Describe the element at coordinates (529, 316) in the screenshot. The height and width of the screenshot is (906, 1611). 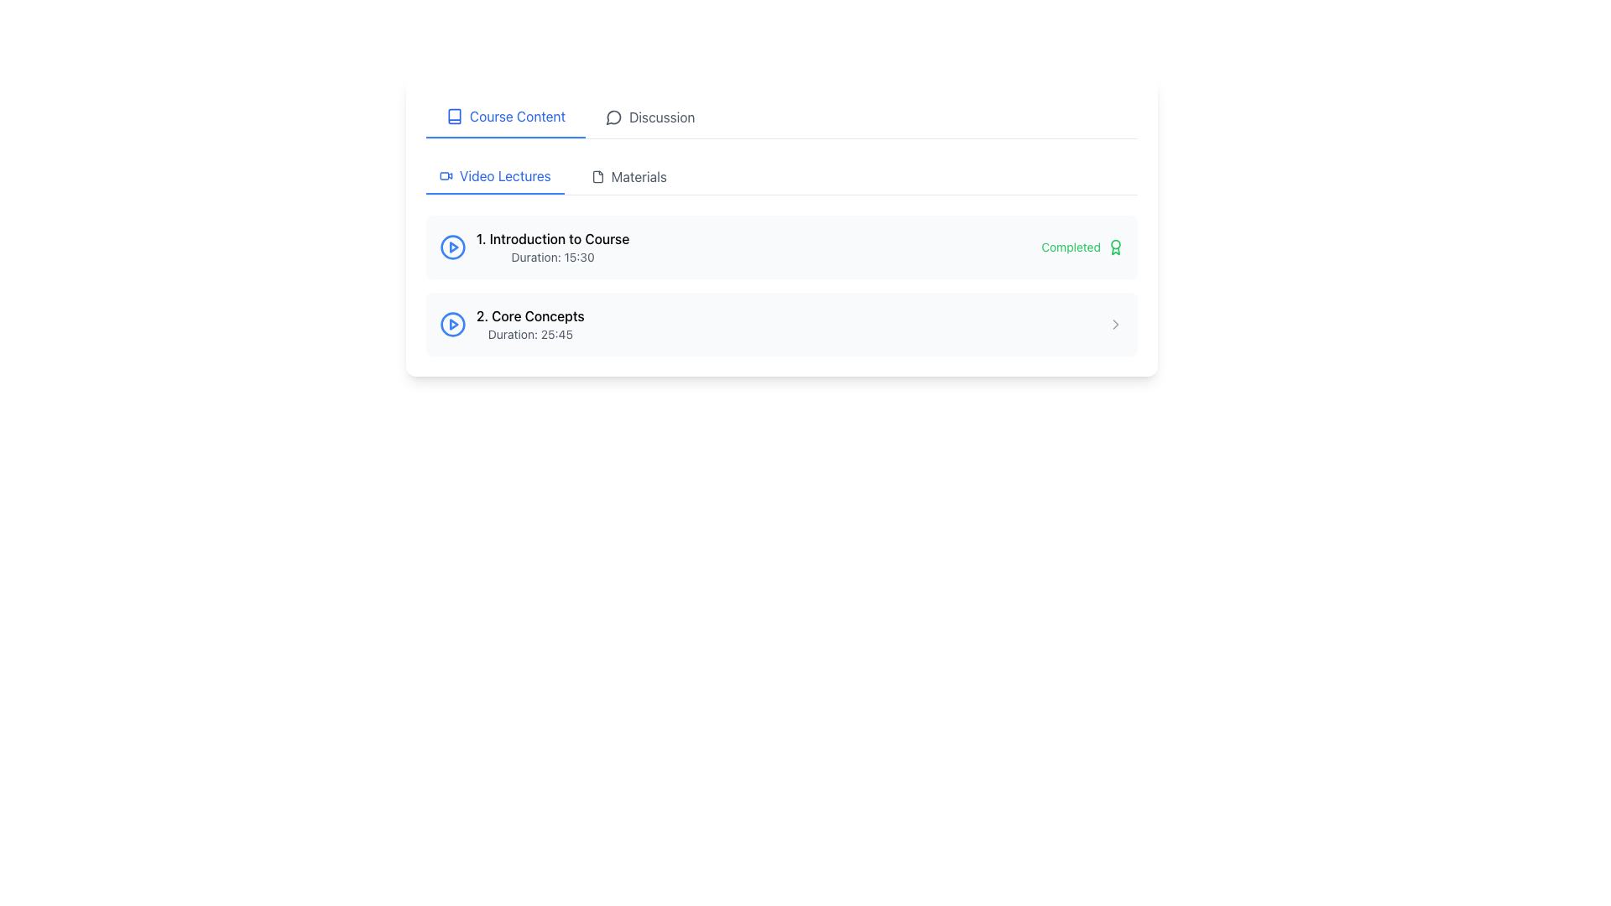
I see `the text label that serves as the title for the corresponding lecture in the second row of the vertical list of video lectures` at that location.